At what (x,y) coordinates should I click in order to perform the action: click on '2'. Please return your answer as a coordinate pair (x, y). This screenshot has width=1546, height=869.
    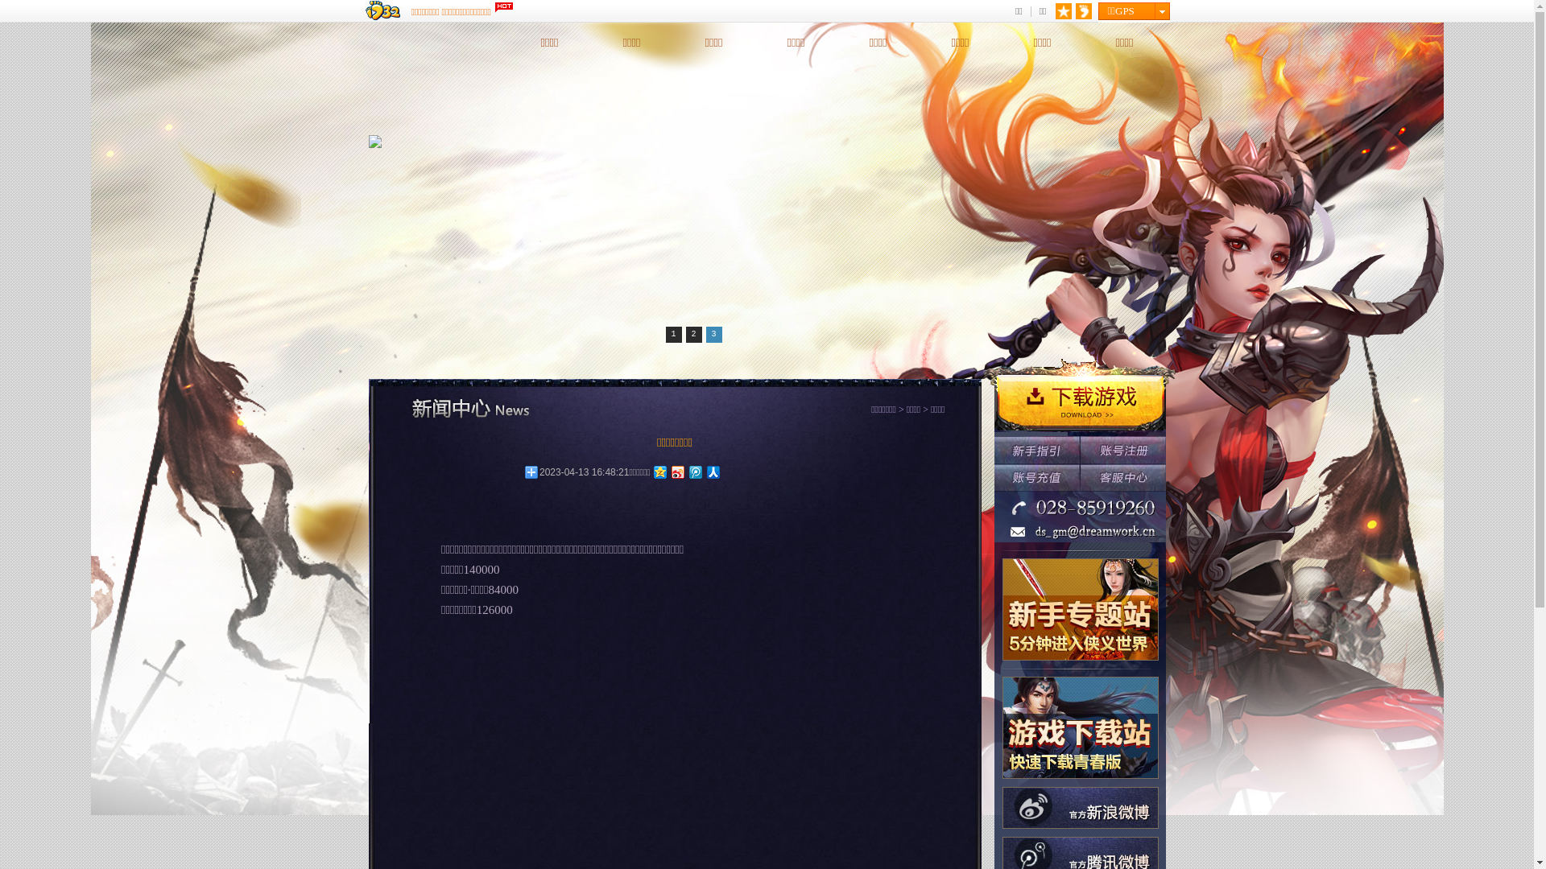
    Looking at the image, I should click on (694, 334).